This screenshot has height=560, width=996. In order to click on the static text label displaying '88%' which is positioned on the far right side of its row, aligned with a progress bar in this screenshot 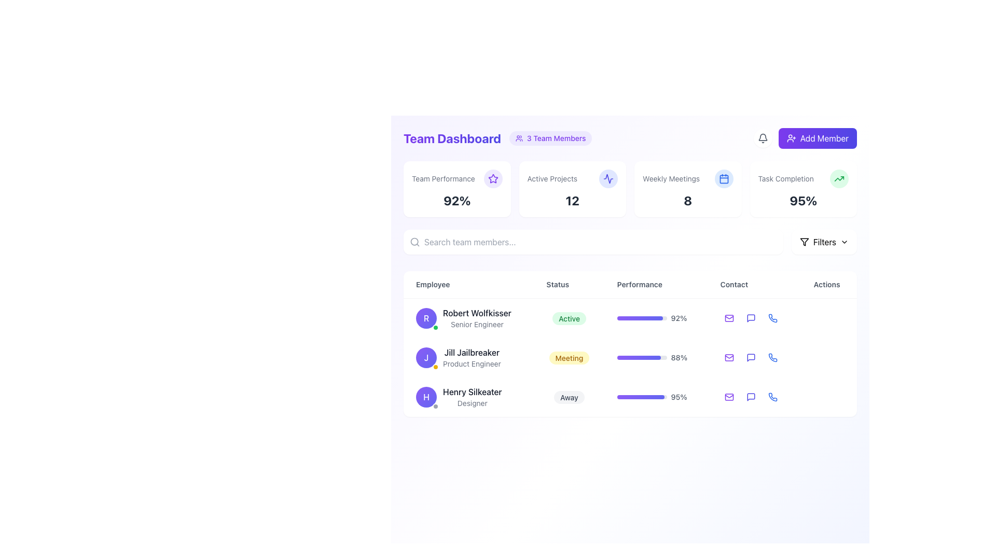, I will do `click(679, 357)`.